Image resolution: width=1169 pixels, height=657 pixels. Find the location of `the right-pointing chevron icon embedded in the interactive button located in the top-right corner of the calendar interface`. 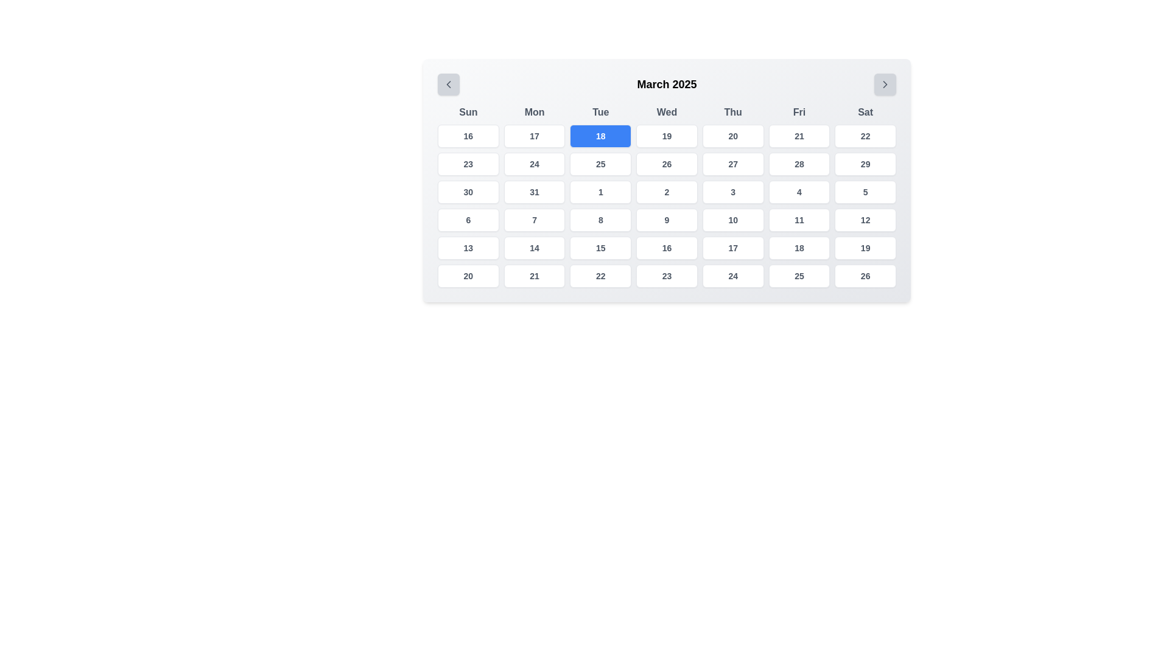

the right-pointing chevron icon embedded in the interactive button located in the top-right corner of the calendar interface is located at coordinates (885, 83).